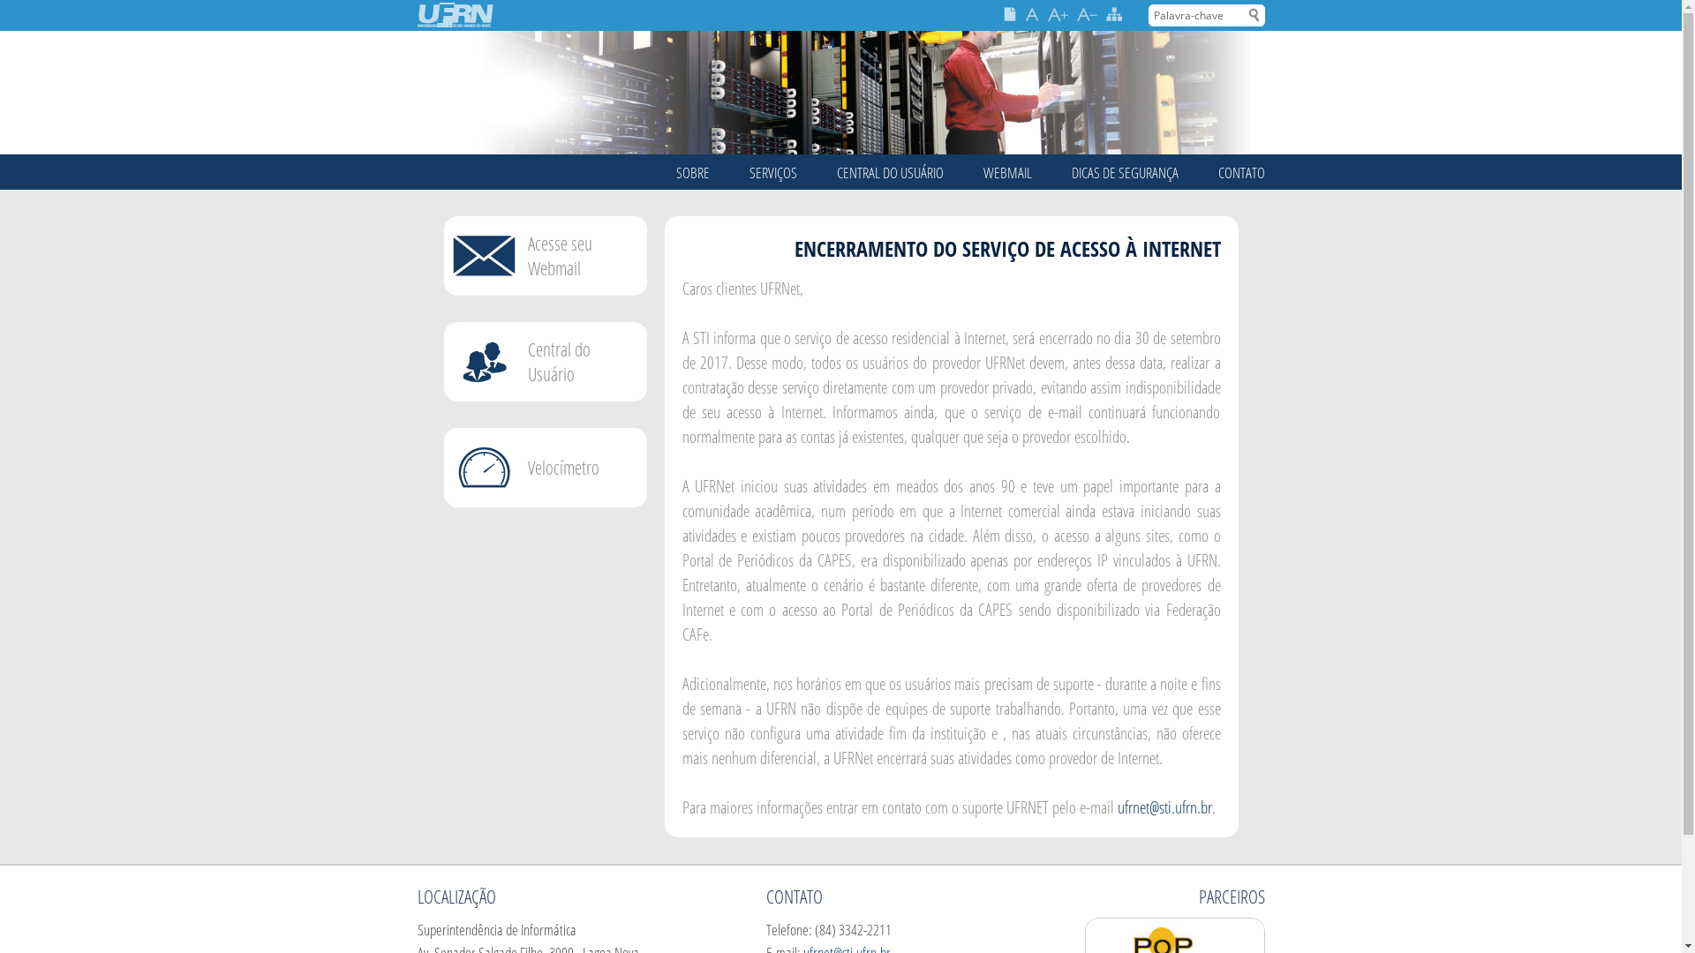 The width and height of the screenshot is (1695, 953). What do you see at coordinates (982, 172) in the screenshot?
I see `'WEBMAIL'` at bounding box center [982, 172].